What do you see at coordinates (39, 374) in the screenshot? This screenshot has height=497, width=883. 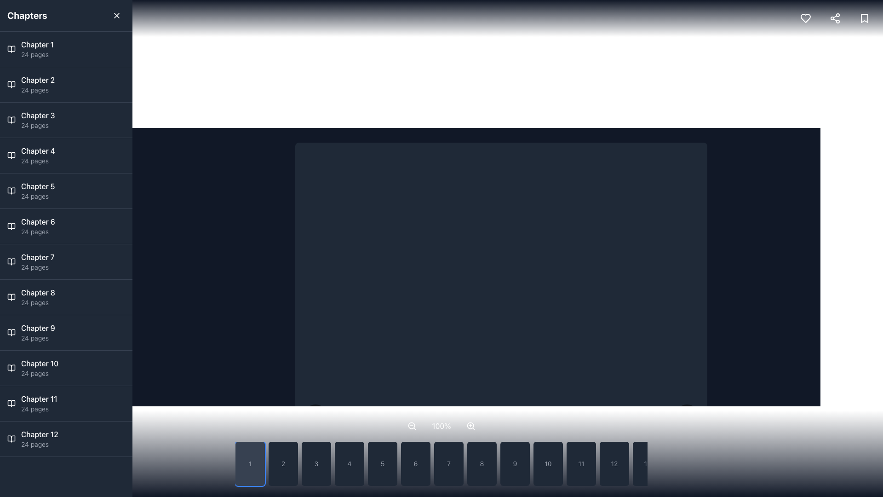 I see `Text label that displays additional details about Chapter 10, specifically its page count, located under the chapter title in the left-side vertical list panel` at bounding box center [39, 374].